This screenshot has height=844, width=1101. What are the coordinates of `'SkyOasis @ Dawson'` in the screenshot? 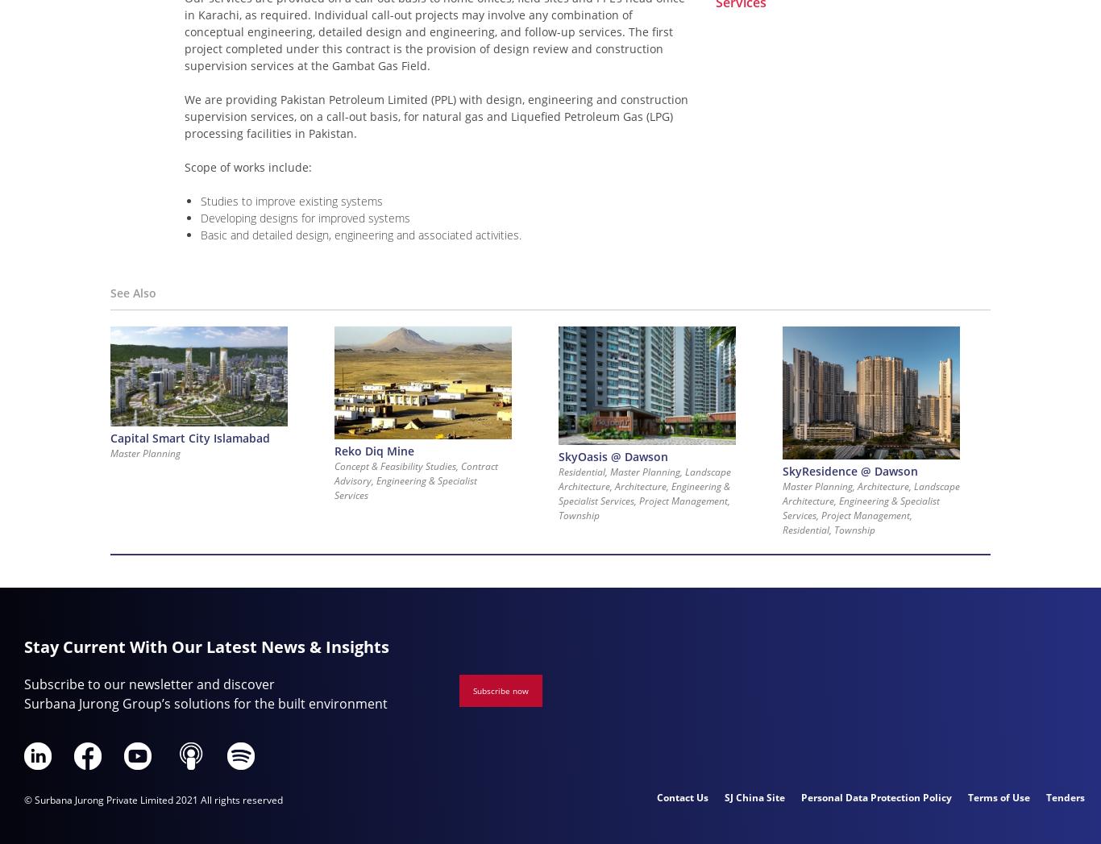 It's located at (613, 455).